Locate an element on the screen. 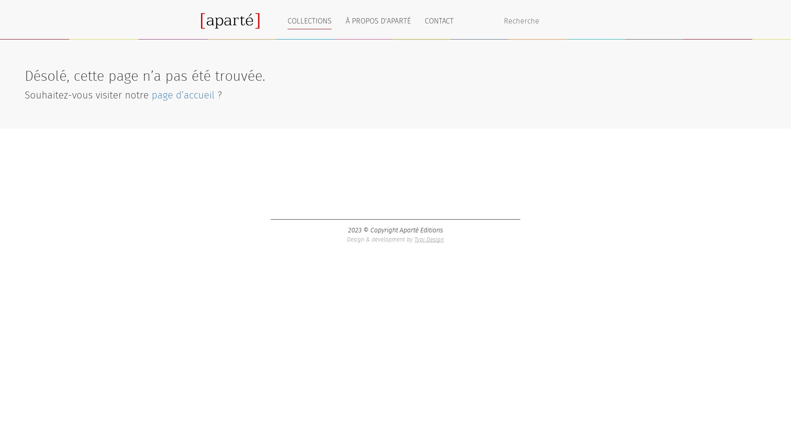 The image size is (791, 445). 'COLLECTIONS' is located at coordinates (309, 20).